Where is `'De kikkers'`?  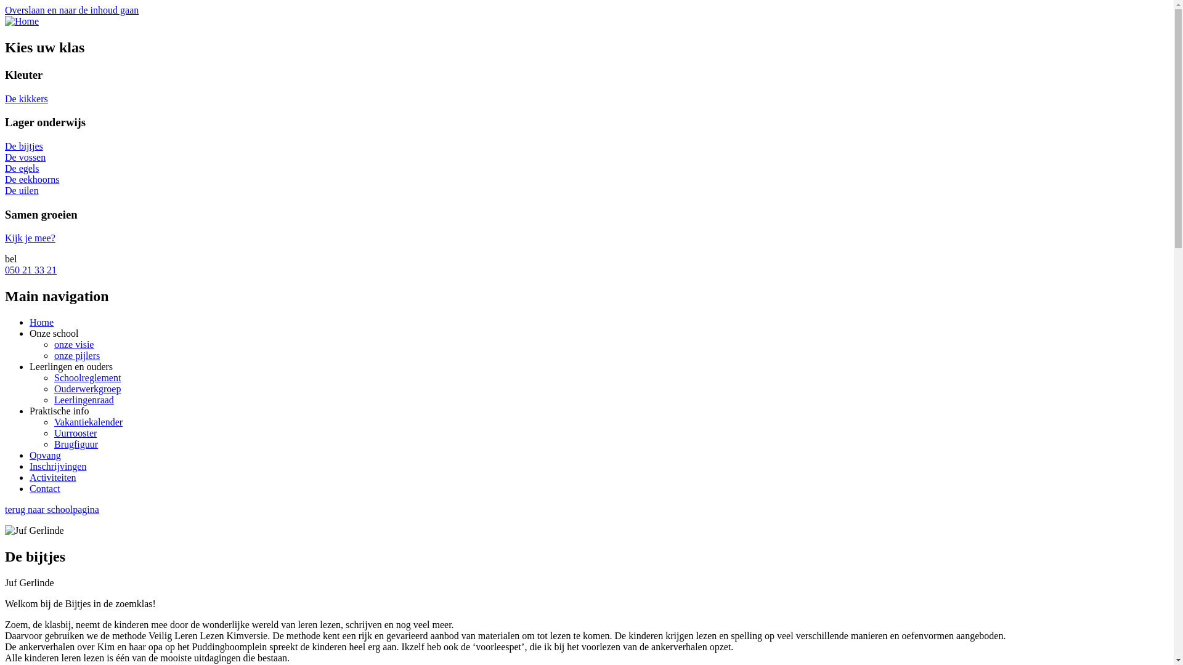 'De kikkers' is located at coordinates (26, 98).